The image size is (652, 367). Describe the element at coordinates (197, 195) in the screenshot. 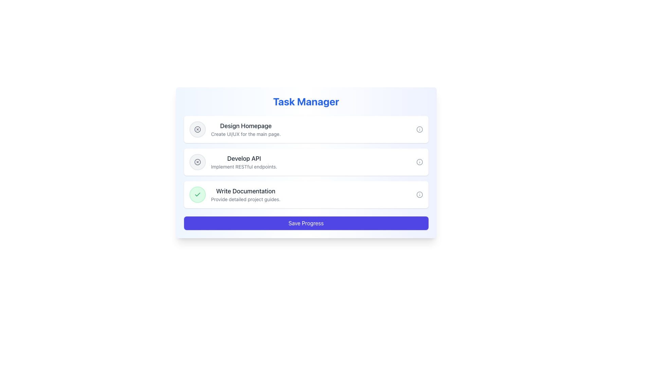

I see `the checkmark icon indicating the completion status of the 'Write Documentation' task, positioned towards the left side of the bottom-most task item in the list` at that location.